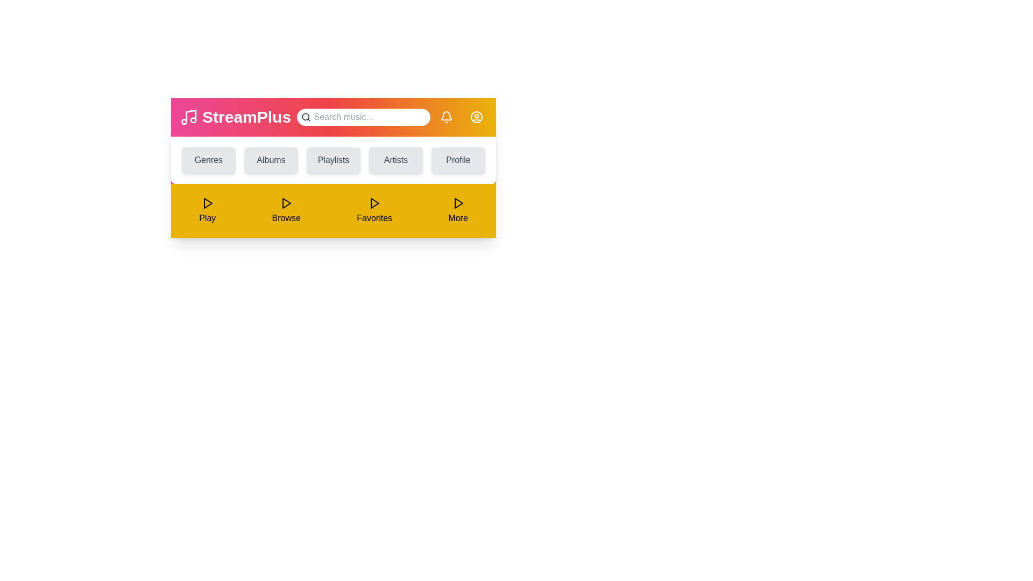 The width and height of the screenshot is (1033, 581). I want to click on 'Play' button in the footer to play music, so click(207, 211).